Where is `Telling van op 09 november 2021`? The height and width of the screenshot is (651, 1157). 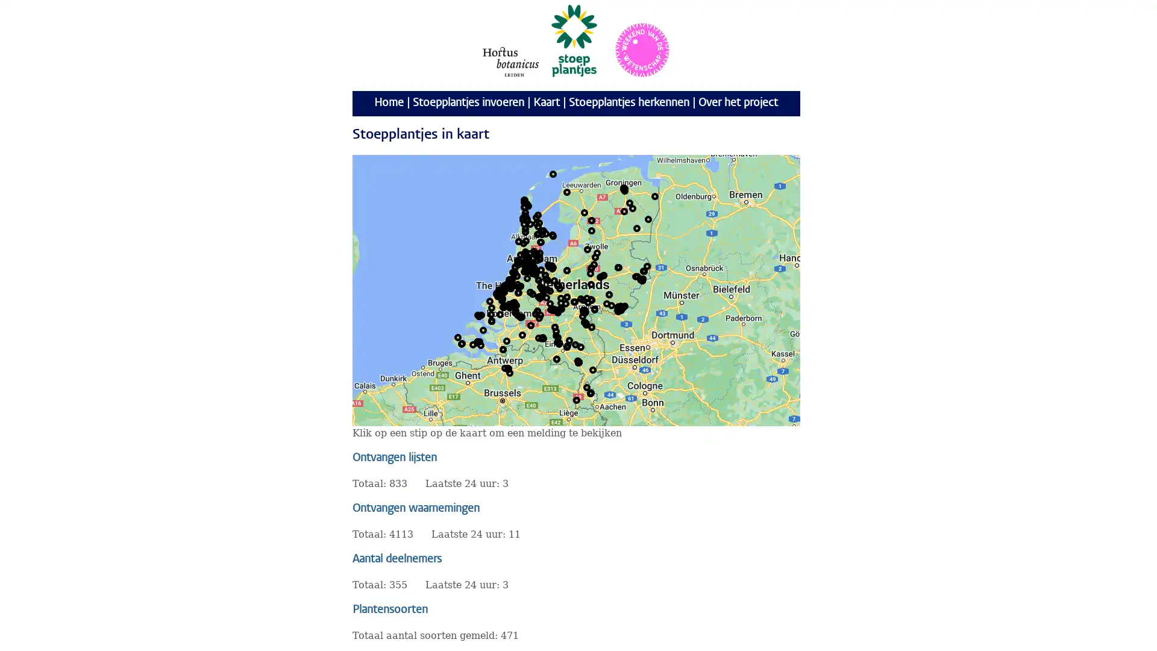
Telling van op 09 november 2021 is located at coordinates (526, 202).